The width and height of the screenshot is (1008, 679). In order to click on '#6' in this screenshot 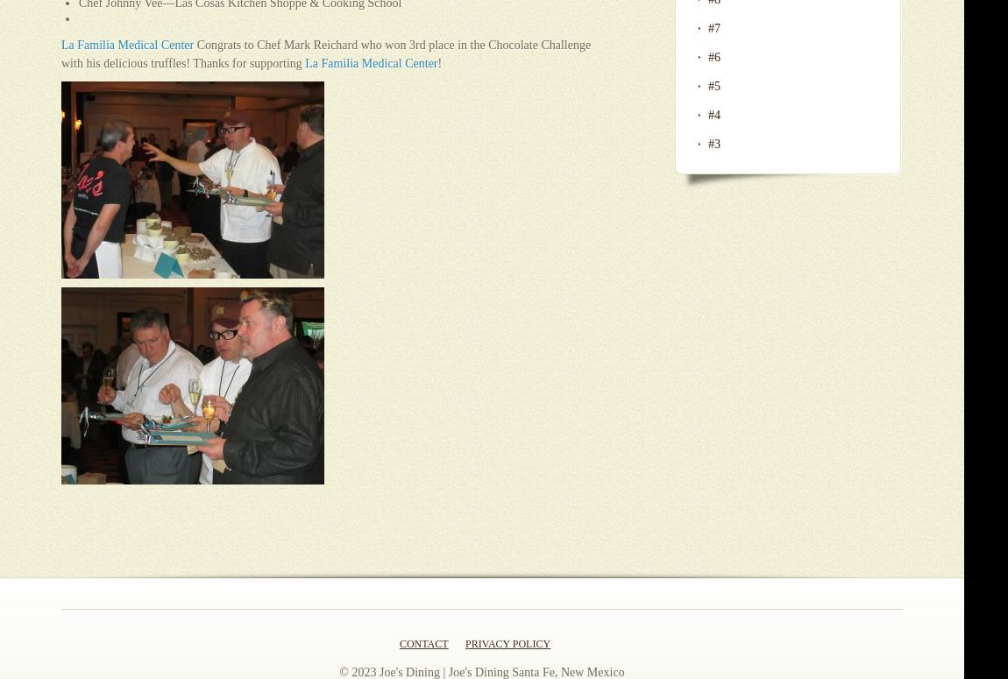, I will do `click(713, 56)`.